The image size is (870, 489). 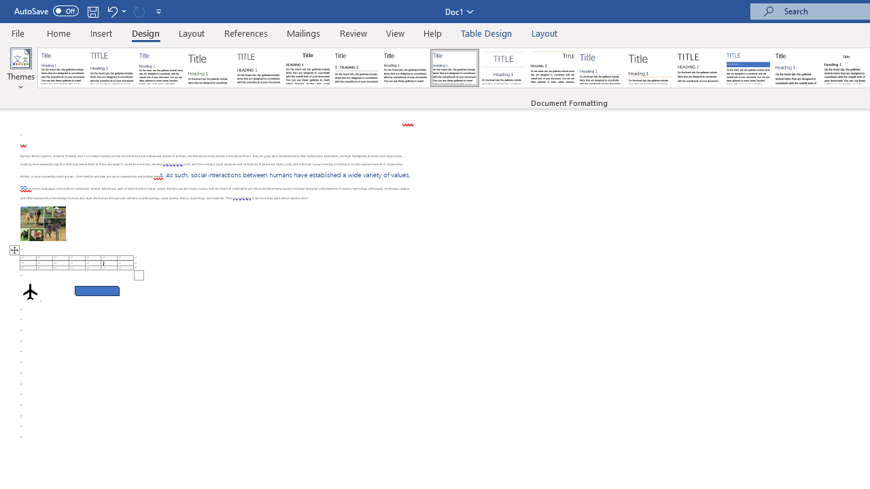 I want to click on 'Basic (Elegant)', so click(x=112, y=68).